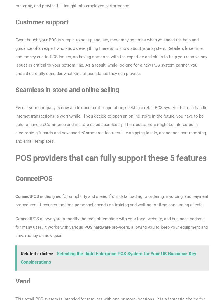 The image size is (224, 300). I want to click on 'Vend', so click(15, 281).